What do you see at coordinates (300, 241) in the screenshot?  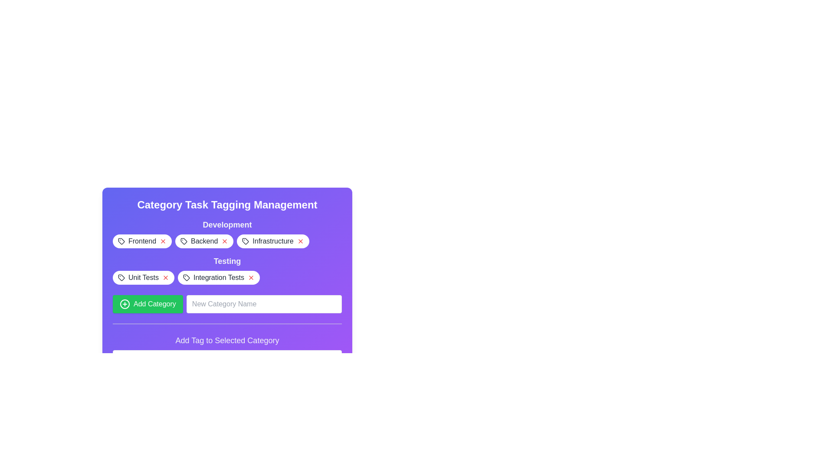 I see `the red 'X' icon button for the 'Infrastructure' tag to trigger its visual change effect` at bounding box center [300, 241].